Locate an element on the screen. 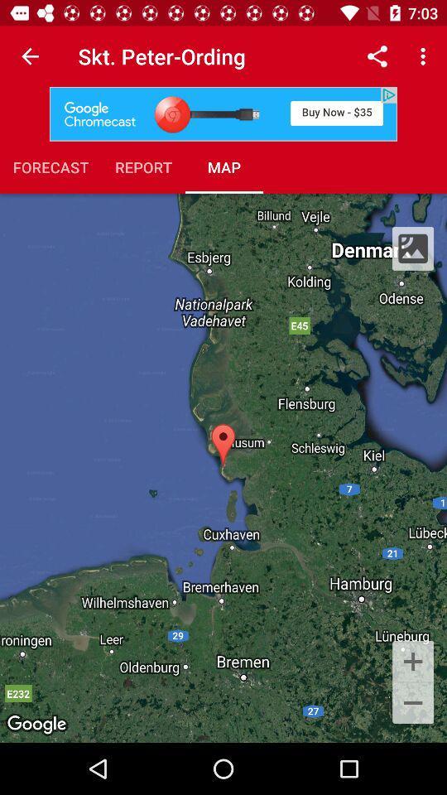  item above forecast item is located at coordinates (223, 113).